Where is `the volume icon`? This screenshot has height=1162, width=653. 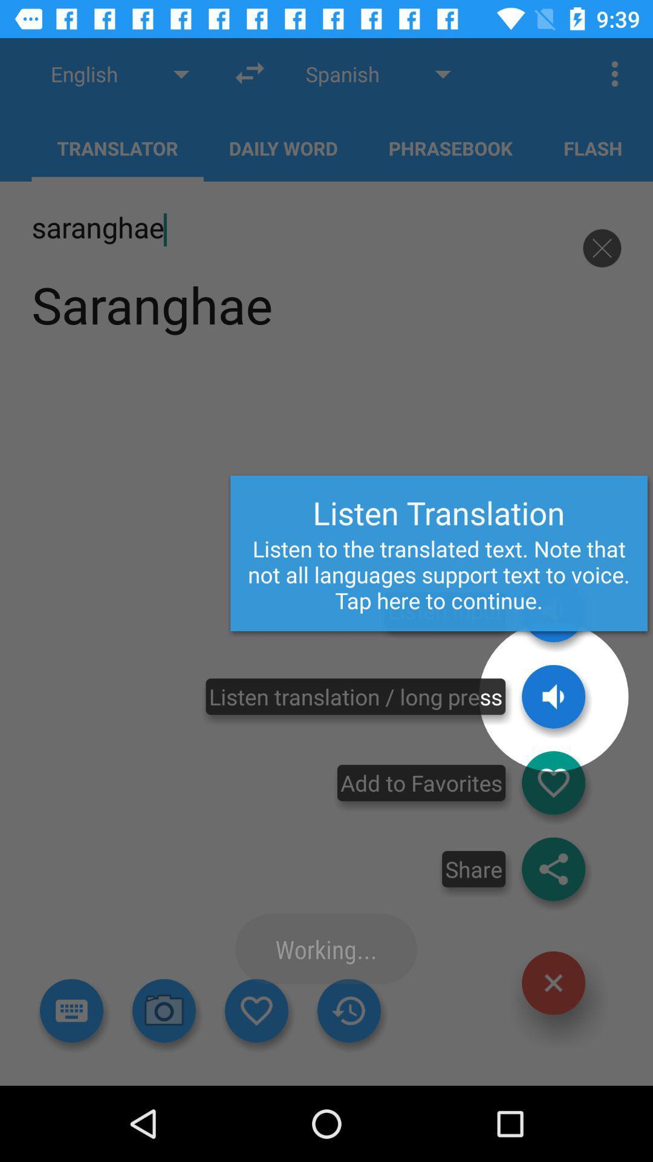 the volume icon is located at coordinates (553, 697).